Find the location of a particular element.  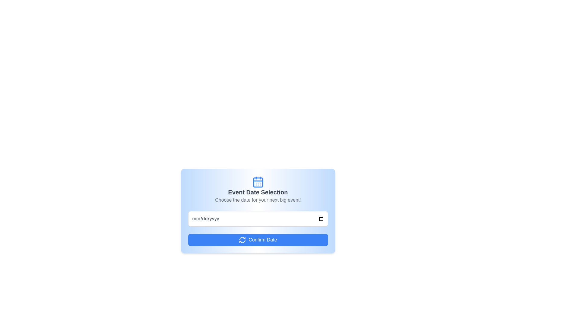

the SVG Icon that indicates a reset or refresh action, located on the left side of the 'Confirm Date' button adjacent to the text label 'Confirm Date.' is located at coordinates (242, 239).